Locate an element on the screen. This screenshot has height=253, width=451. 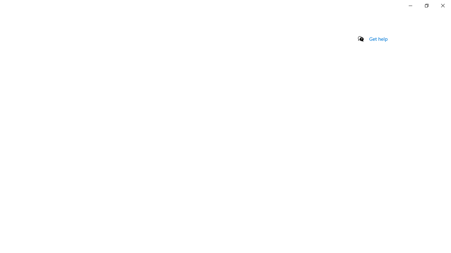
'Minimize Settings' is located at coordinates (410, 5).